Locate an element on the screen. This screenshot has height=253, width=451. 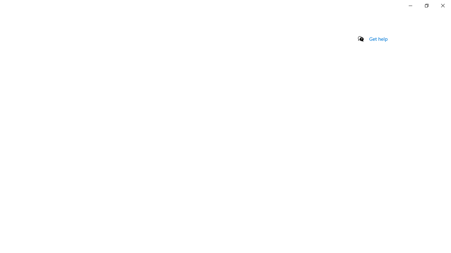
'Minimize Settings' is located at coordinates (410, 5).